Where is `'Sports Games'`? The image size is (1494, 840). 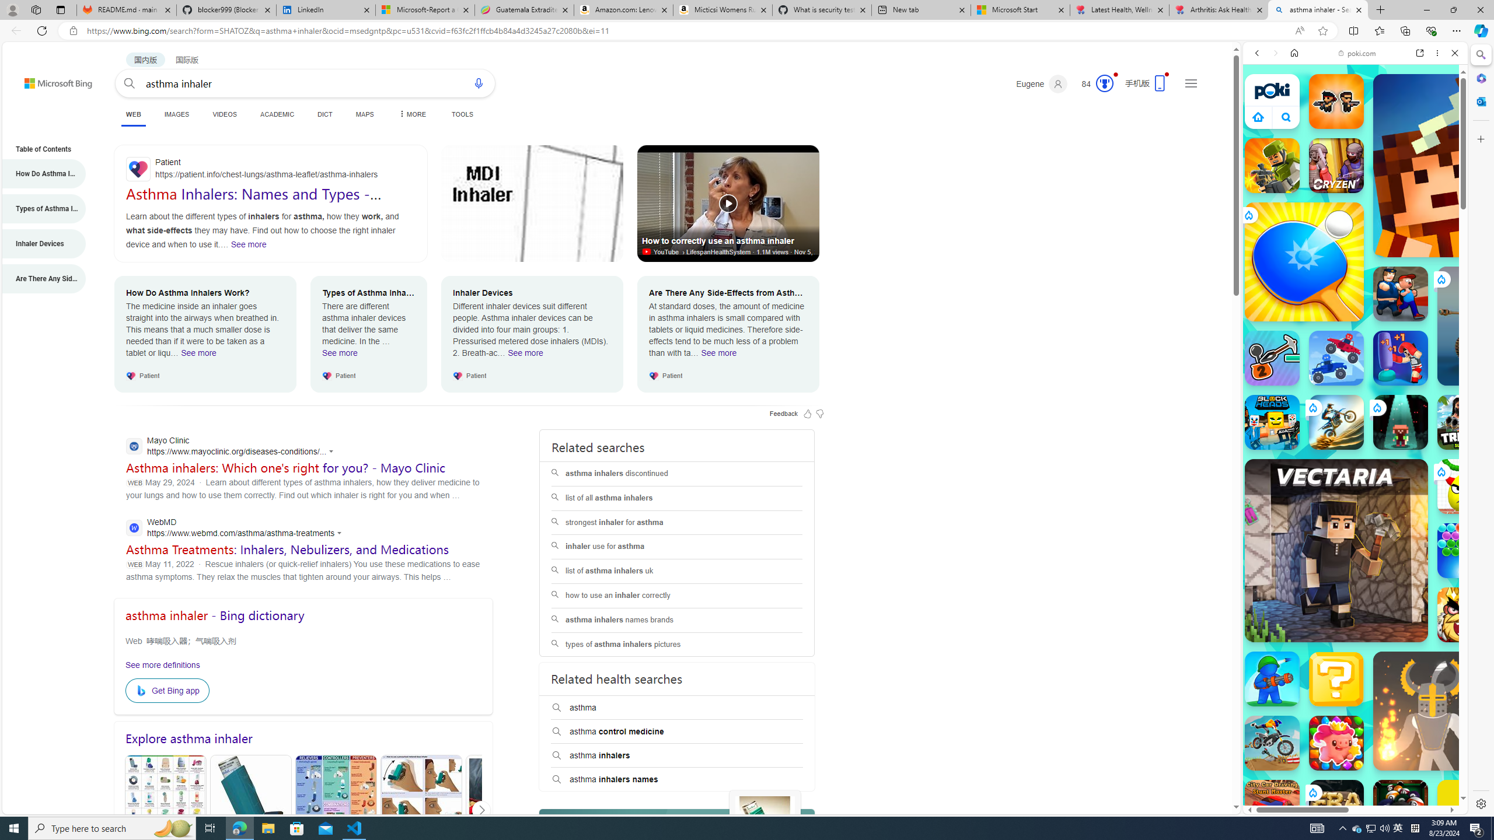 'Sports Games' is located at coordinates (1354, 388).